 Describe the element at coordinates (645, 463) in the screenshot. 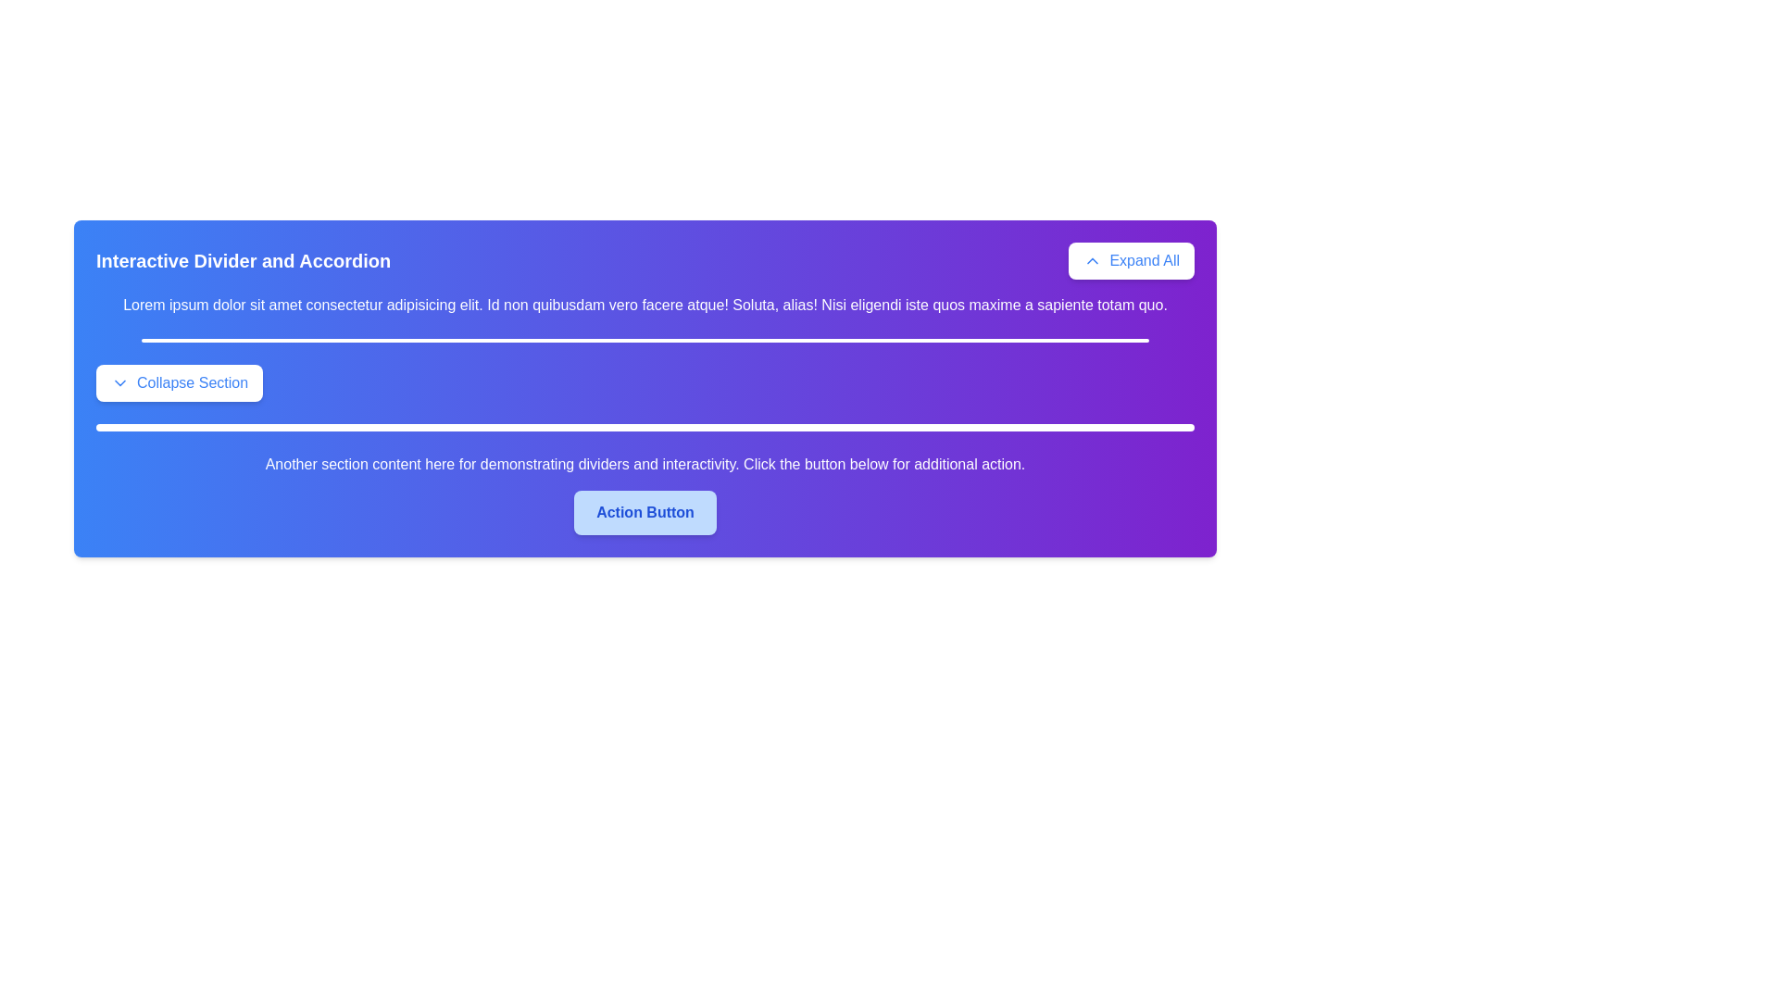

I see `text block containing the sentence 'Another section content here for demonstrating dividers and interactivity. Click the button below for additional action.' which is situated above the 'Action Button' and below a white horizontal divider line, centered horizontally in a gradient background` at that location.